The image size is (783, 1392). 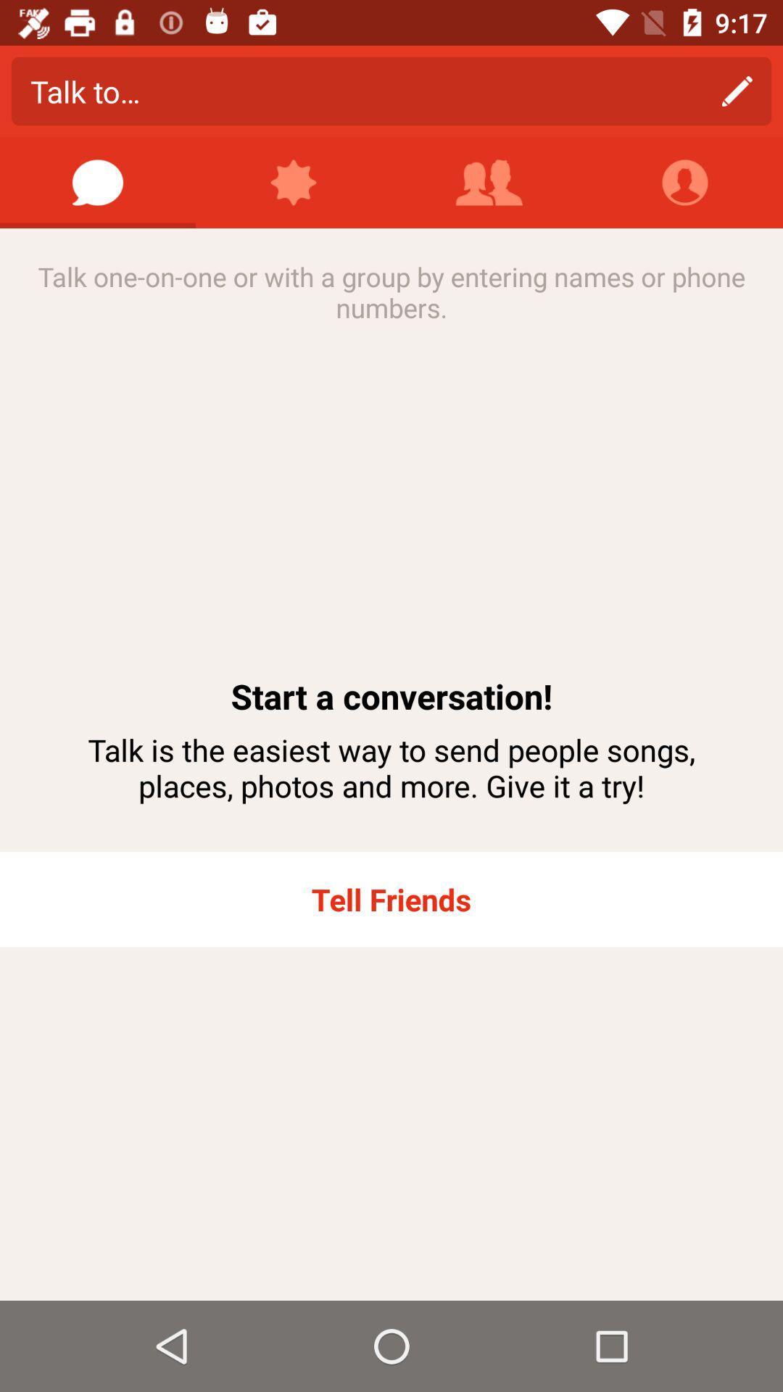 What do you see at coordinates (98, 182) in the screenshot?
I see `sms` at bounding box center [98, 182].